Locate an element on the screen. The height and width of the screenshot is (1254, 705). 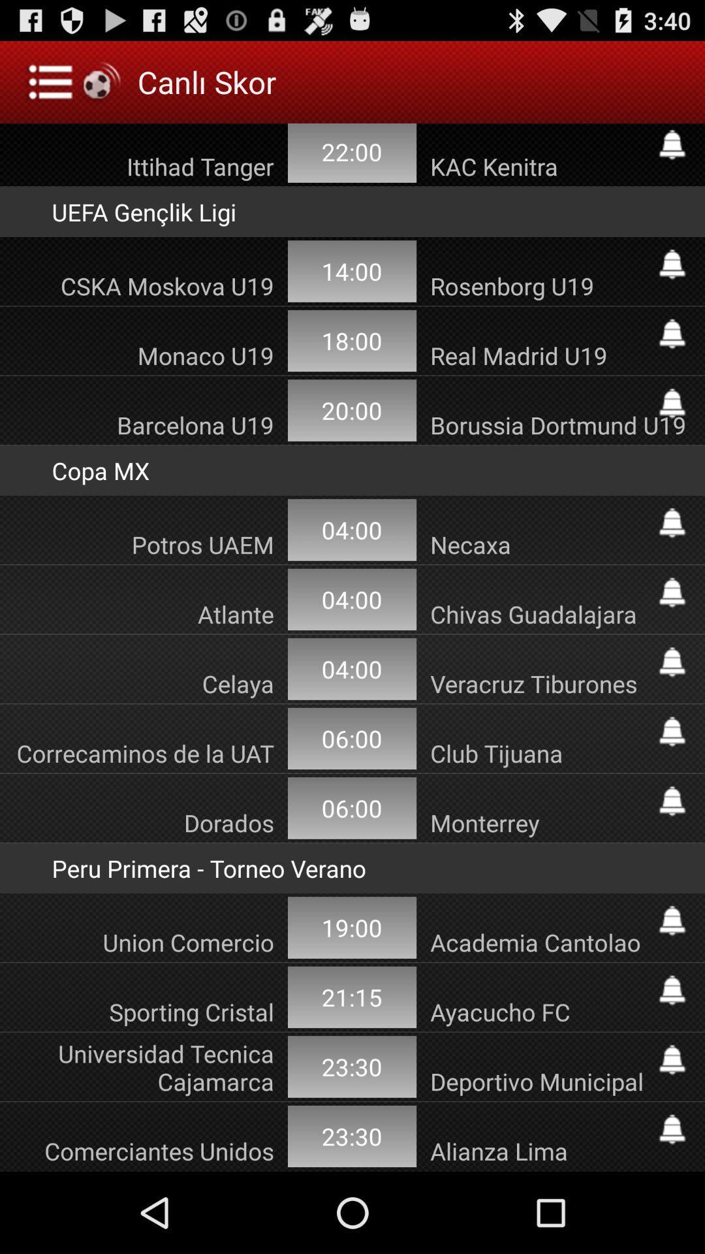
alarm is located at coordinates (672, 731).